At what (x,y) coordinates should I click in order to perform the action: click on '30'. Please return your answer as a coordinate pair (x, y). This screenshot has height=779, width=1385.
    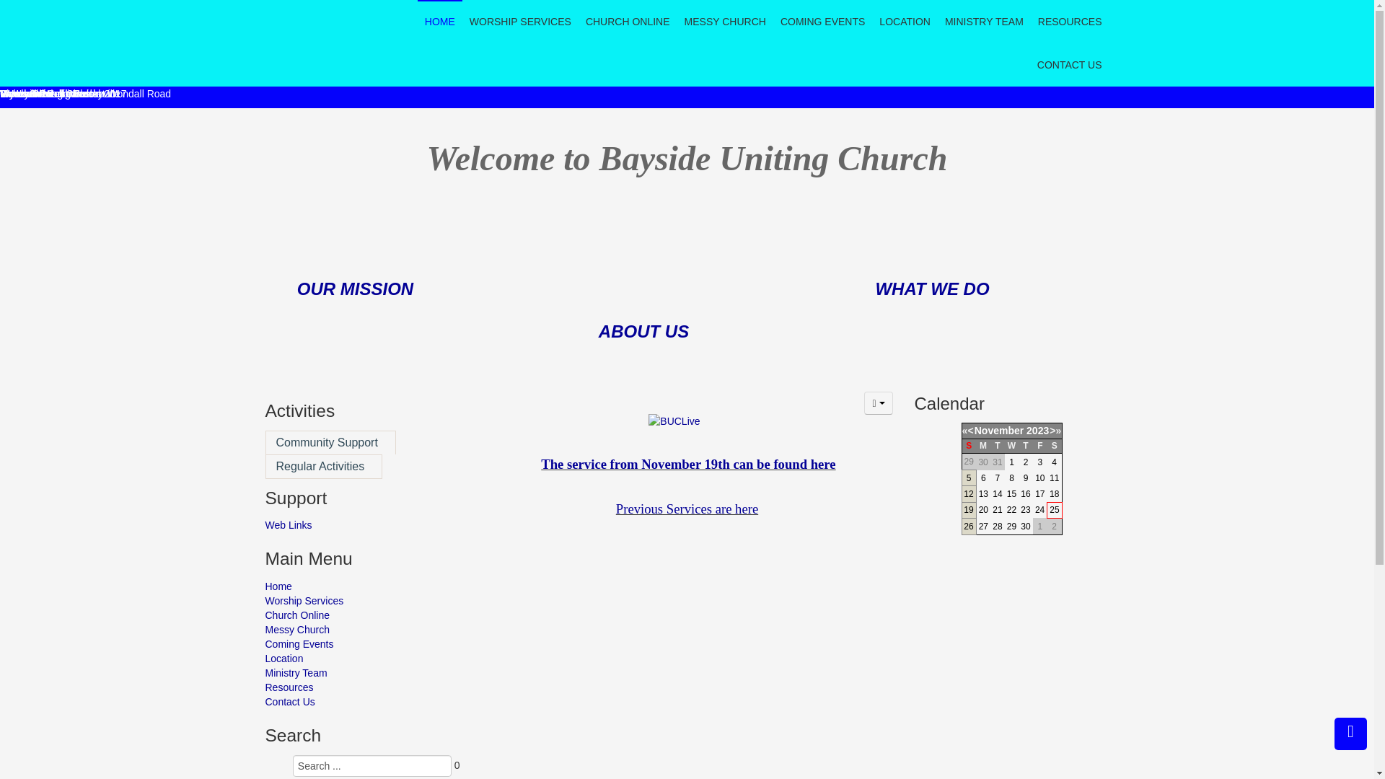
    Looking at the image, I should click on (1024, 526).